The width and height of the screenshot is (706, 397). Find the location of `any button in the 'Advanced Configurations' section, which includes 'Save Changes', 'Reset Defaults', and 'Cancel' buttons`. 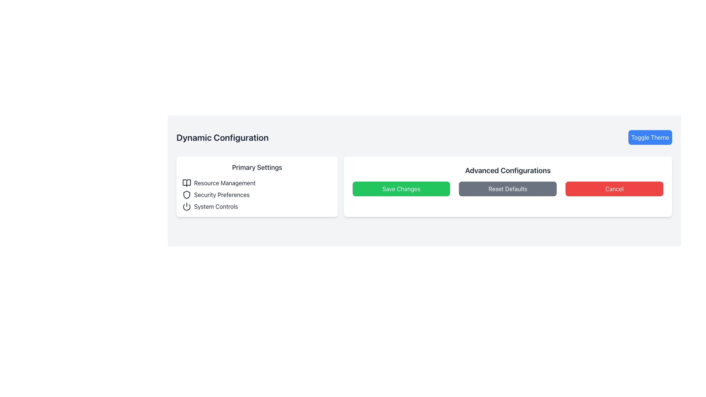

any button in the 'Advanced Configurations' section, which includes 'Save Changes', 'Reset Defaults', and 'Cancel' buttons is located at coordinates (507, 186).